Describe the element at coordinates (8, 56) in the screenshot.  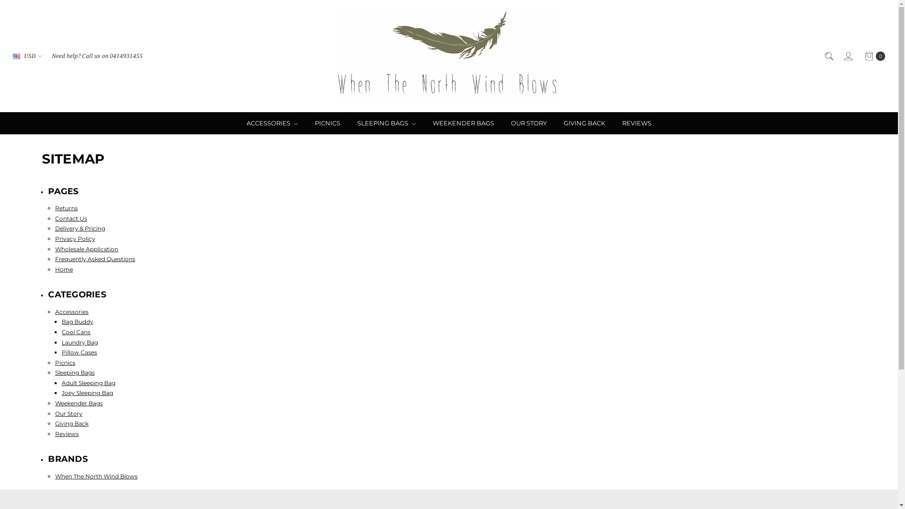
I see `'USD'` at that location.